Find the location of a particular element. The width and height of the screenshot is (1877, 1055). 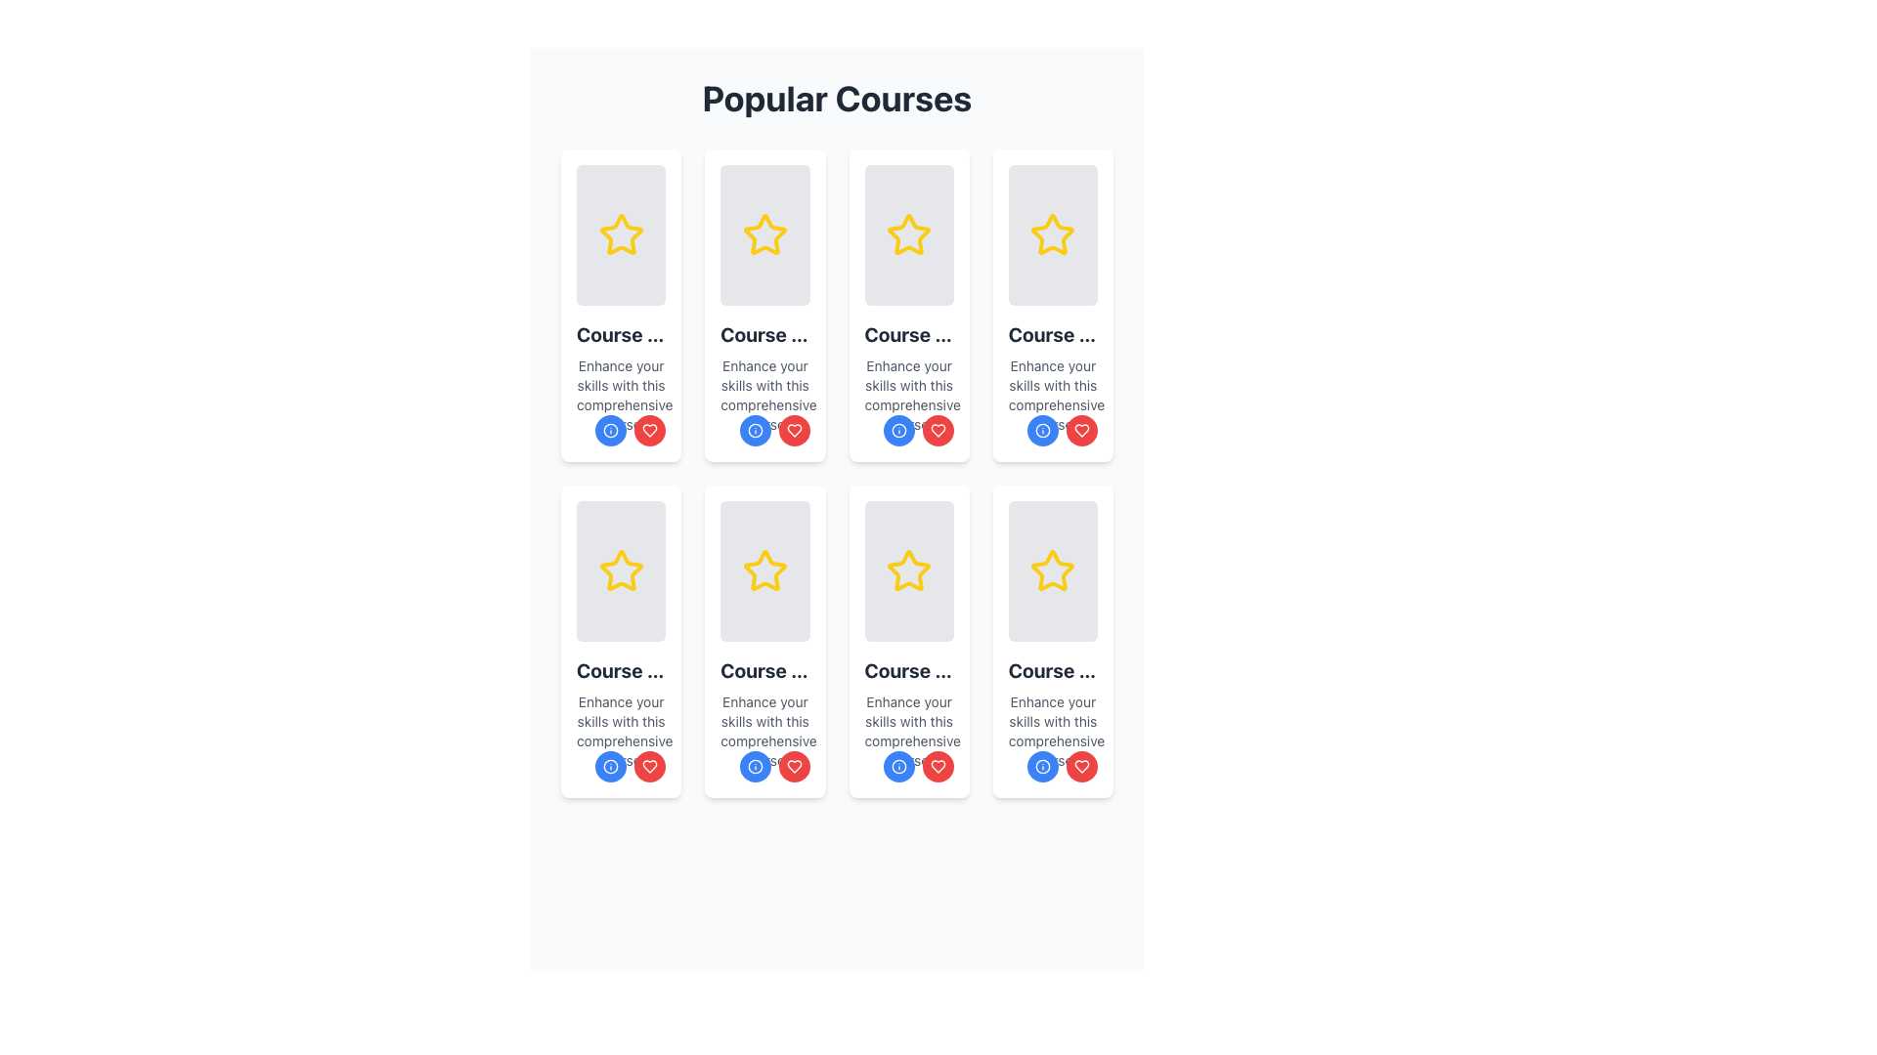

the visual placeholder with a light gray background and a yellow star icon, located in the third column of the first row under 'Popular Courses' is located at coordinates (908, 233).